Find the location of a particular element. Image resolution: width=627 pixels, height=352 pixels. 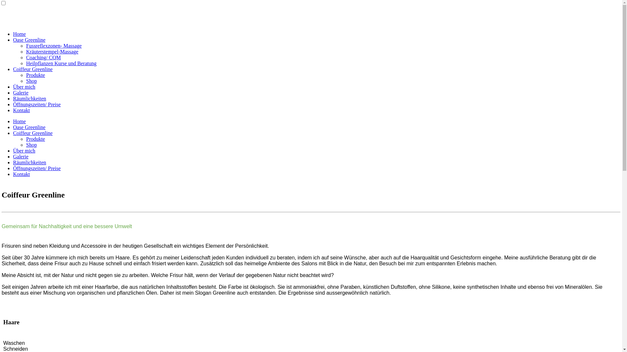

'Home' is located at coordinates (19, 34).